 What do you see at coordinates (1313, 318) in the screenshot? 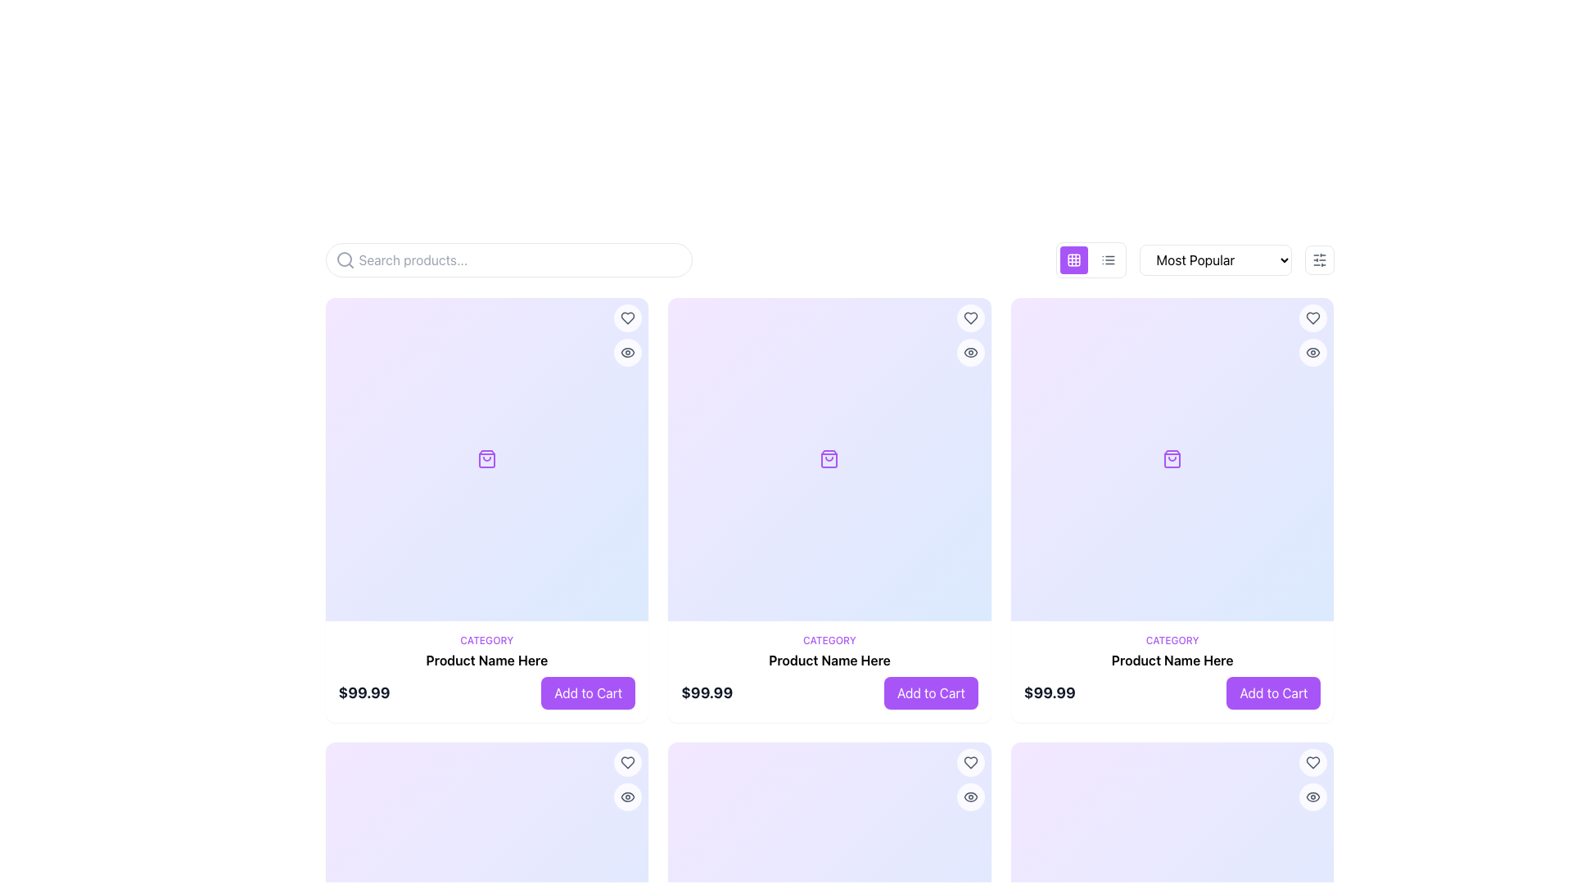
I see `the heart-shaped icon button located in the top-right corner of the rightmost product card` at bounding box center [1313, 318].